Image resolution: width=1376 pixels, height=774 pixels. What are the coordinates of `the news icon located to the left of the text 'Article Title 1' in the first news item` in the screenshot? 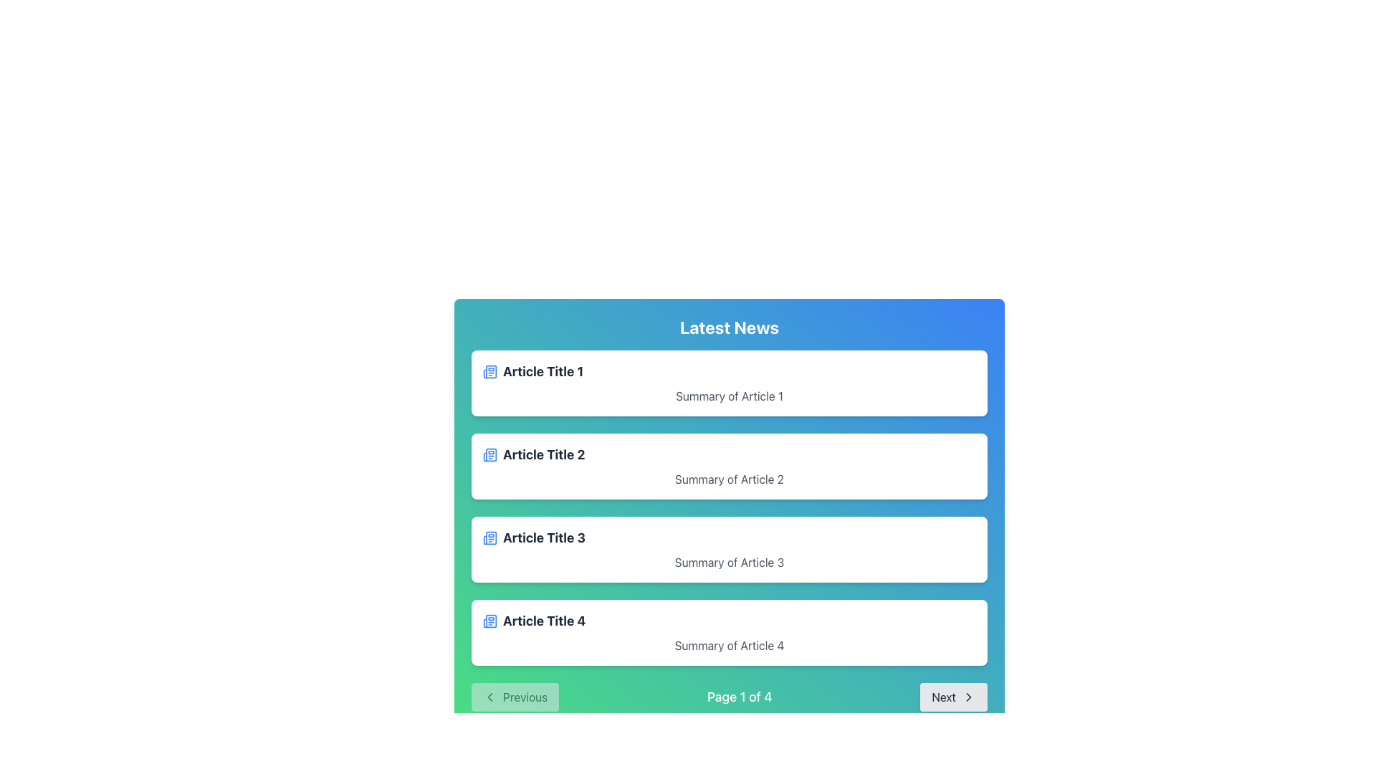 It's located at (490, 370).